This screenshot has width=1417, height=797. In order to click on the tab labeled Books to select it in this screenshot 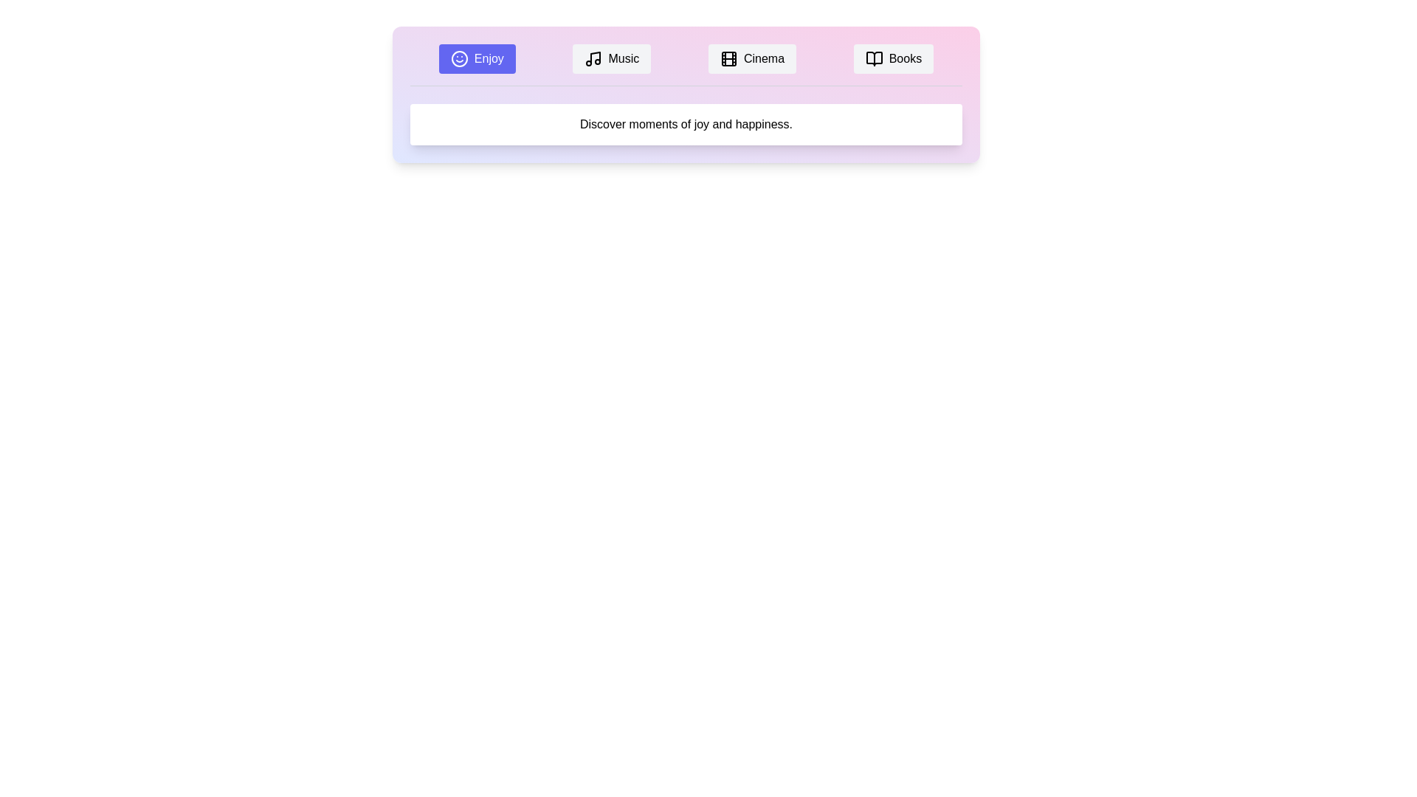, I will do `click(892, 58)`.